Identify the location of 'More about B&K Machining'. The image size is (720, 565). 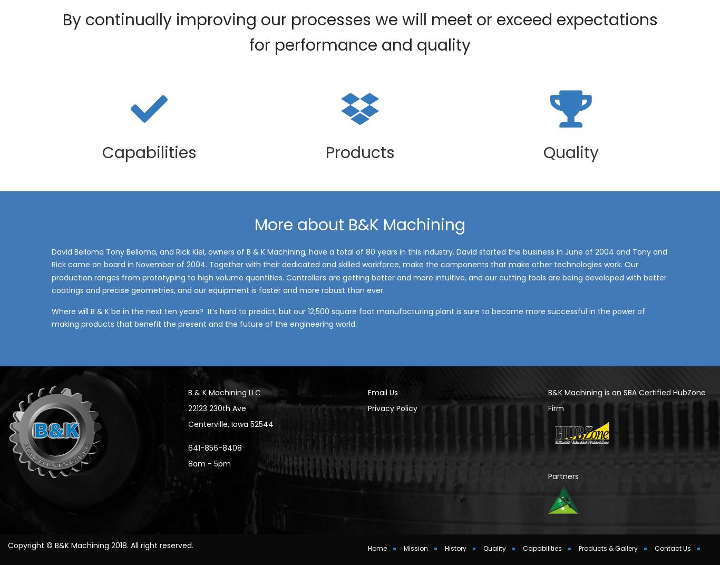
(360, 238).